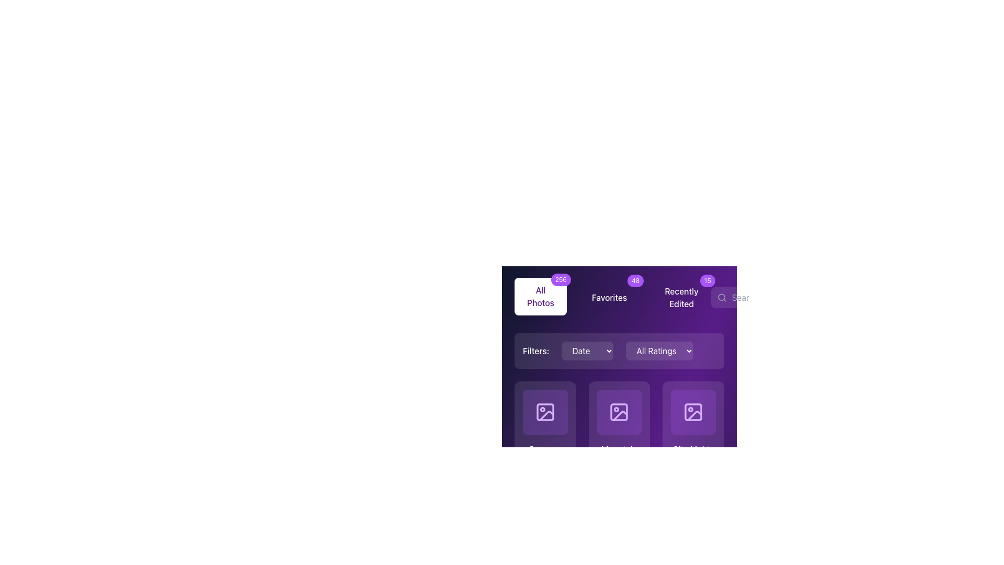 The width and height of the screenshot is (1004, 565). What do you see at coordinates (693, 434) in the screenshot?
I see `the third card in the first row of the grid displaying a content preview` at bounding box center [693, 434].